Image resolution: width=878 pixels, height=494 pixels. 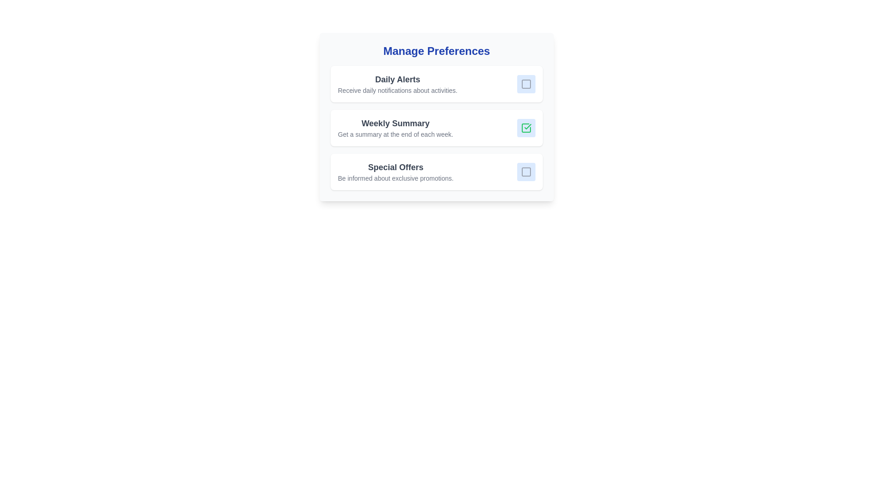 I want to click on the 'Daily Alerts' checkbox or status indicator, so click(x=526, y=84).